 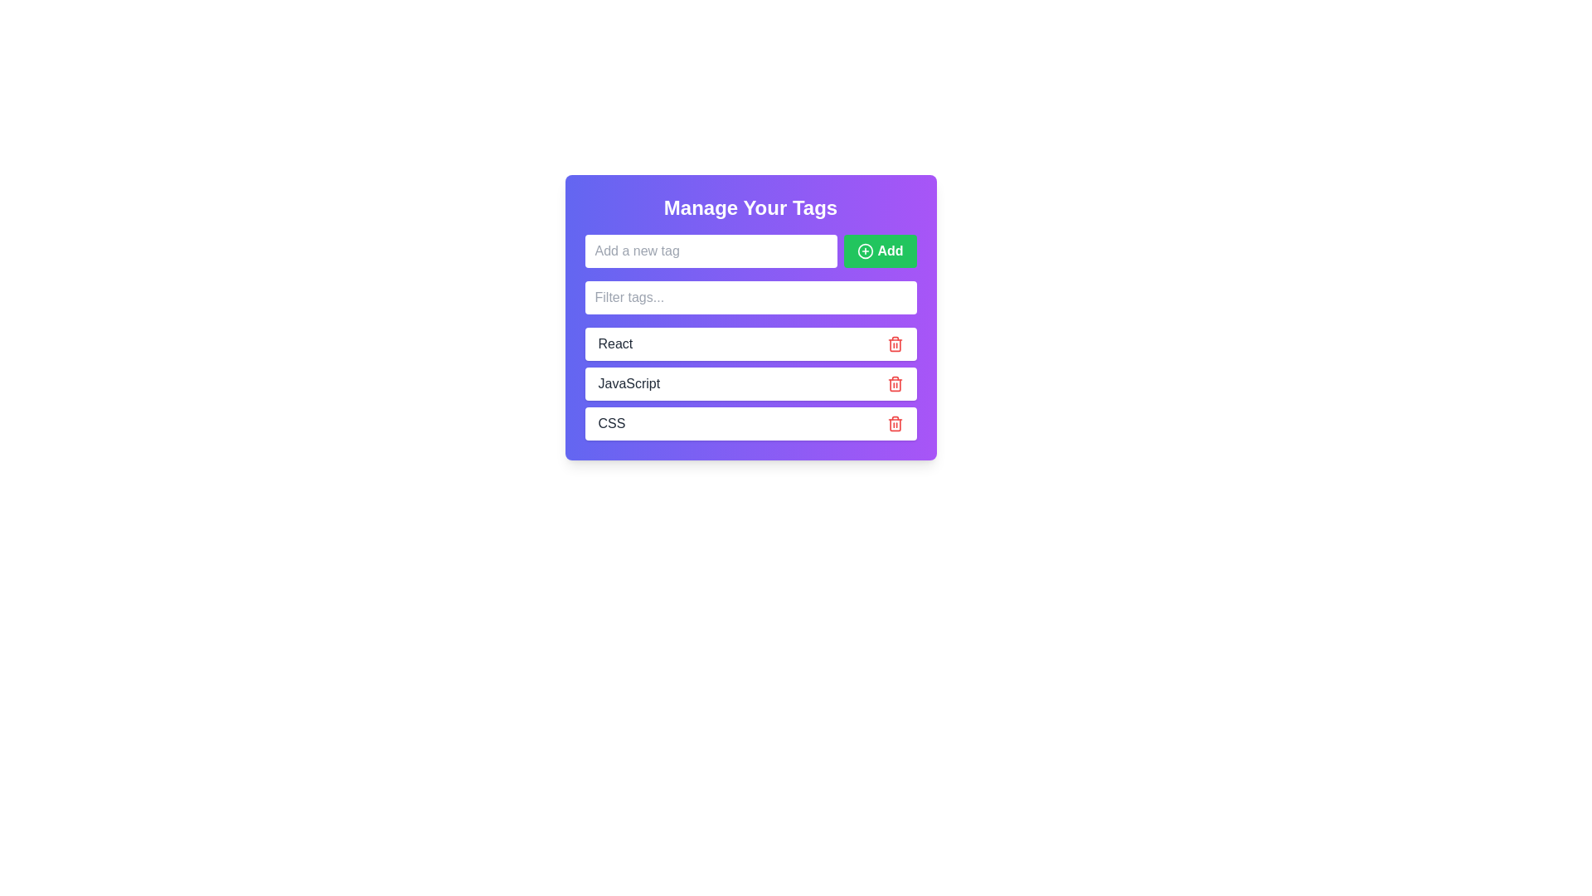 I want to click on the red trash bin icon button located at the rightmost position of the 'JavaScript' row, so click(x=894, y=383).